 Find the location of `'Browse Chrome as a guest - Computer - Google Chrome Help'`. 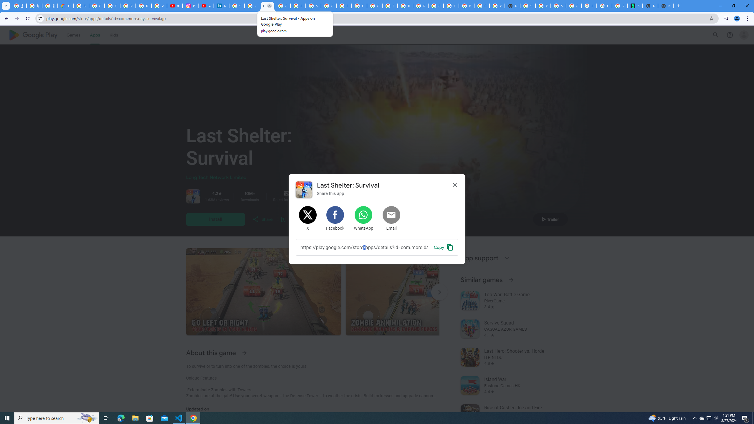

'Browse Chrome as a guest - Computer - Google Chrome Help' is located at coordinates (390, 6).